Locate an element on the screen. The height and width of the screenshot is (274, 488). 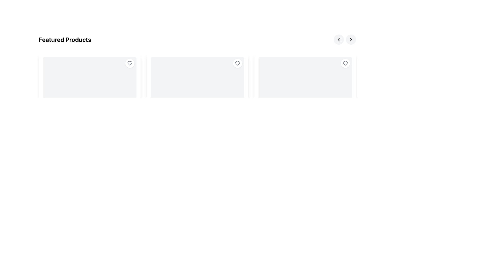
the interactive heart button located at the top-right corner of the second card in a horizontally aligned list is located at coordinates (237, 63).